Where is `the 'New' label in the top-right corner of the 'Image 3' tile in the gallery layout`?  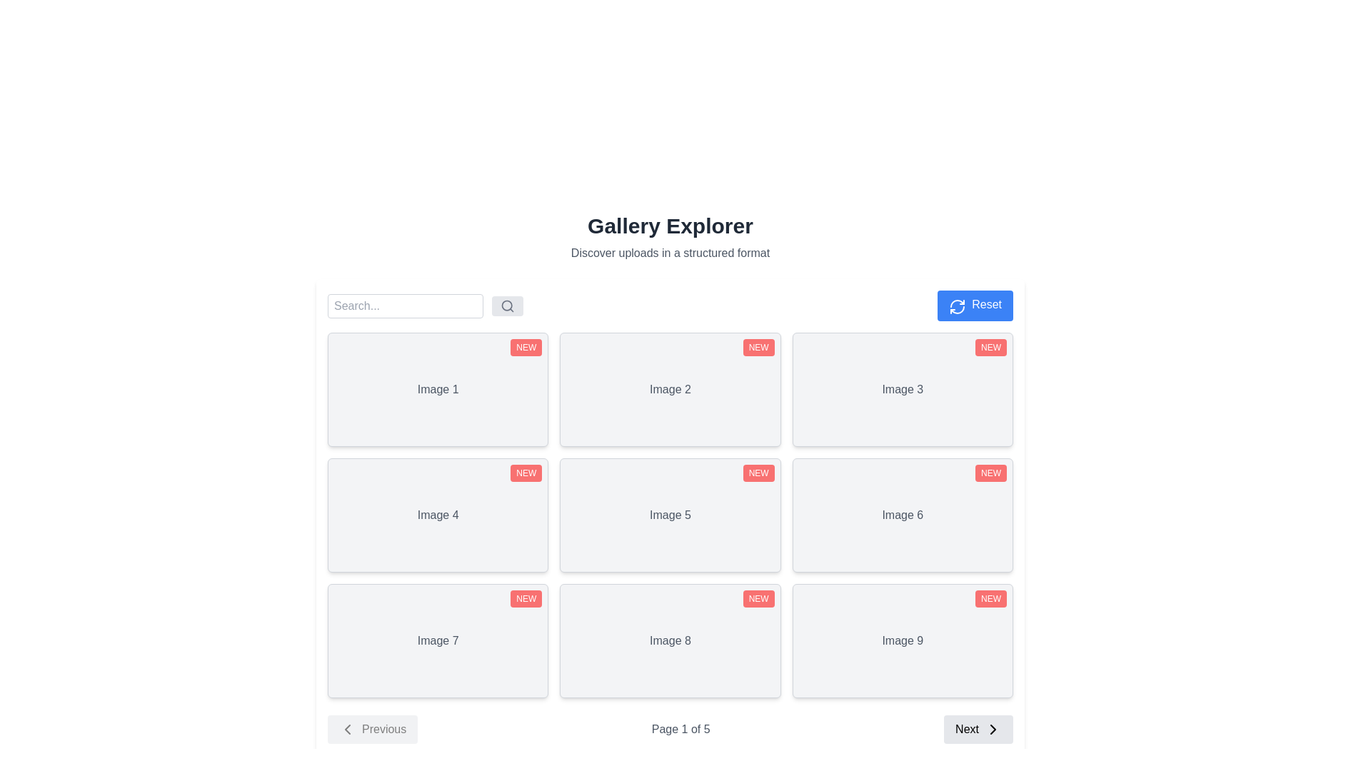 the 'New' label in the top-right corner of the 'Image 3' tile in the gallery layout is located at coordinates (990, 347).